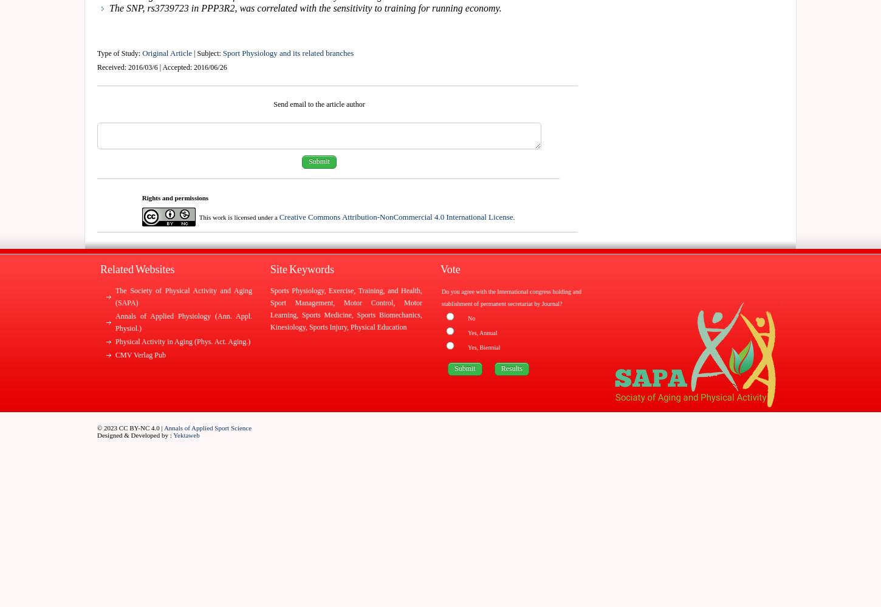 This screenshot has width=881, height=607. I want to click on 'Annals of Applied Physiology (Ann. Appl. Physiol.)', so click(183, 322).